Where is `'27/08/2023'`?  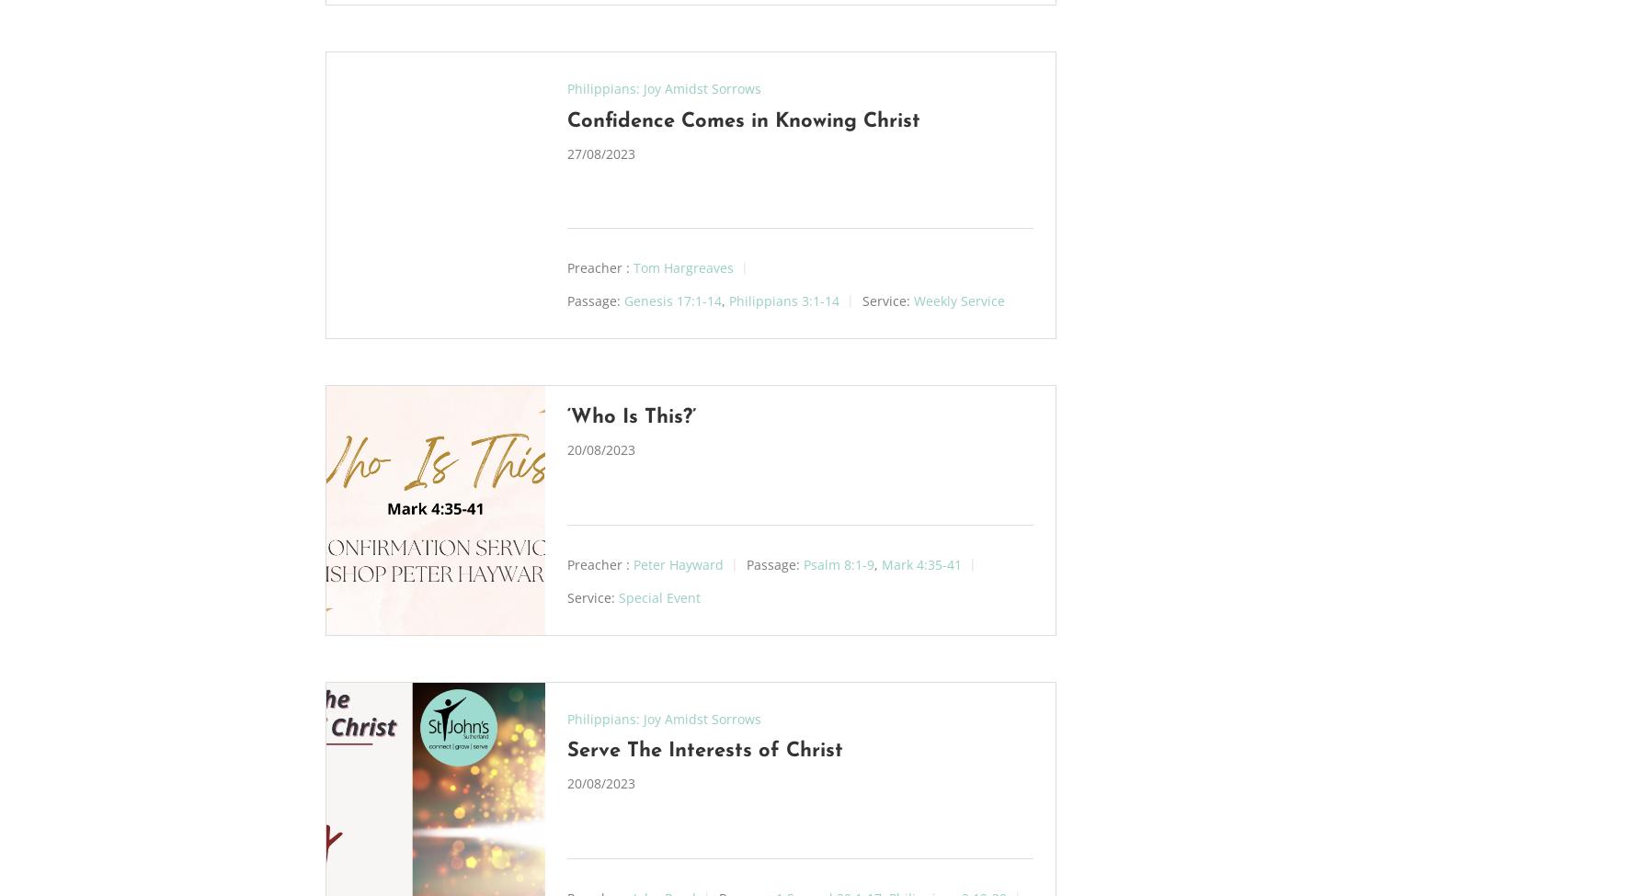 '27/08/2023' is located at coordinates (599, 152).